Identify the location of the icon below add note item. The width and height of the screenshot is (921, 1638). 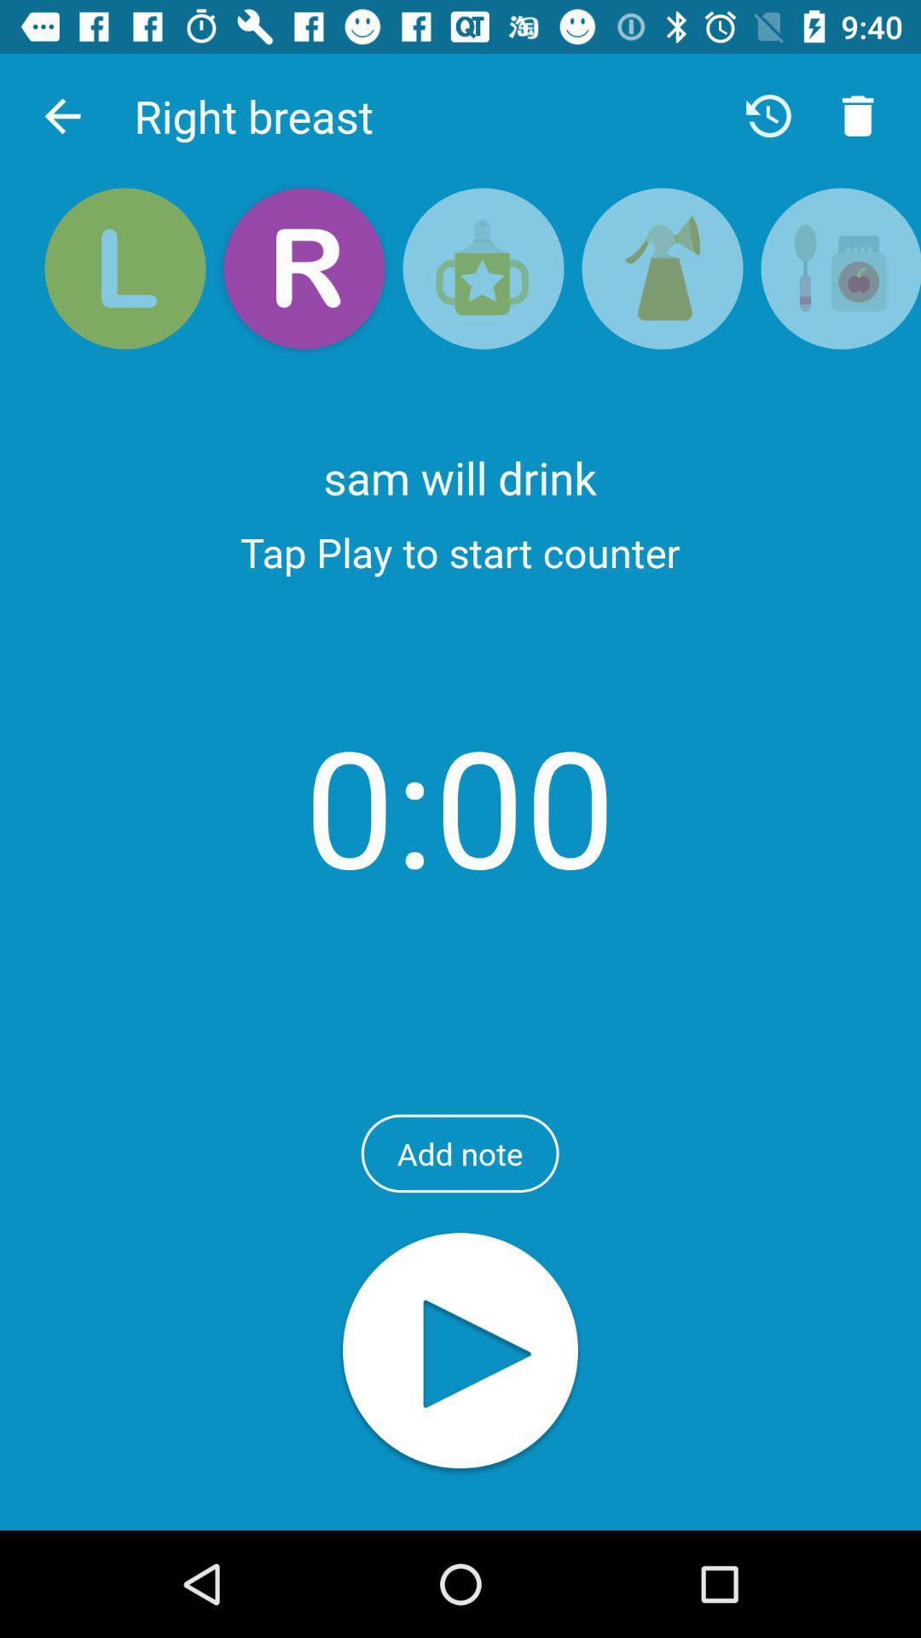
(460, 1351).